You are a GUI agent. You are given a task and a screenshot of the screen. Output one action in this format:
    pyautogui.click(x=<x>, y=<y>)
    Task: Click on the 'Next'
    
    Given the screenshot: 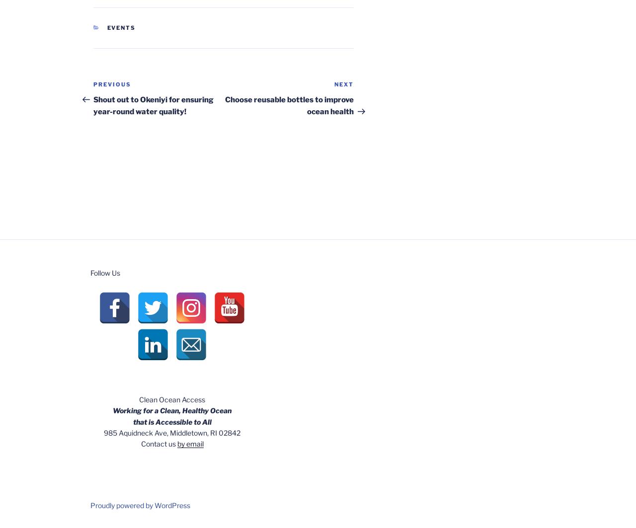 What is the action you would take?
    pyautogui.click(x=344, y=84)
    